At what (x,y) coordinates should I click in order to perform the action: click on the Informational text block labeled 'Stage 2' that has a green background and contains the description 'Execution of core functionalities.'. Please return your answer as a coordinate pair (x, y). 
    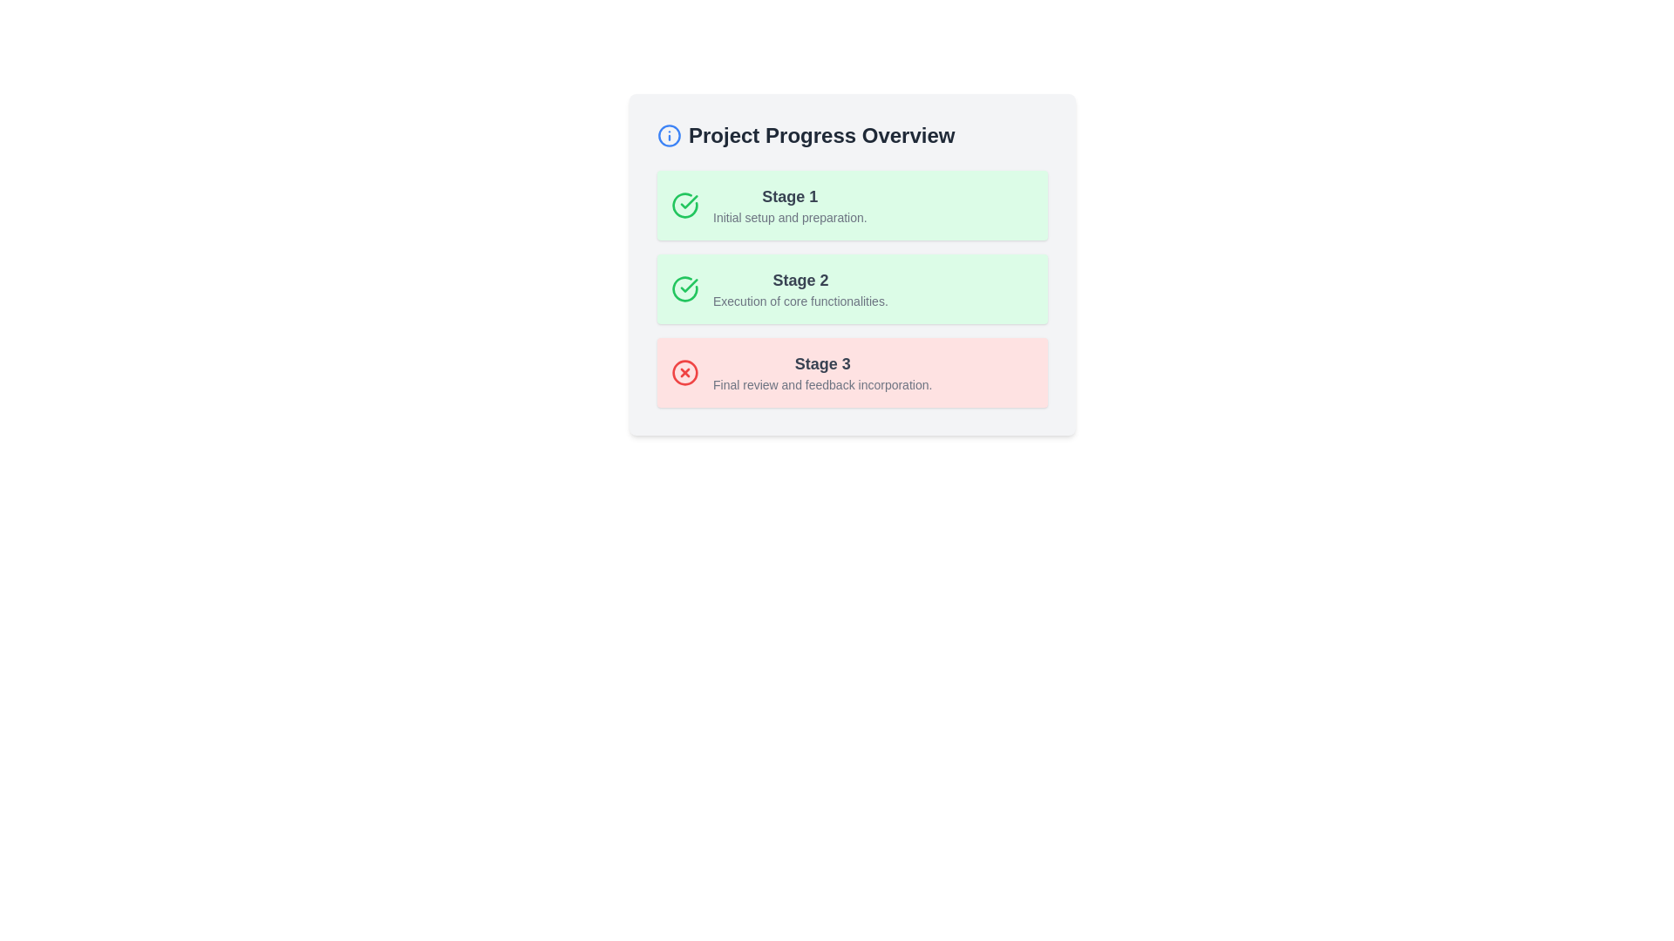
    Looking at the image, I should click on (853, 288).